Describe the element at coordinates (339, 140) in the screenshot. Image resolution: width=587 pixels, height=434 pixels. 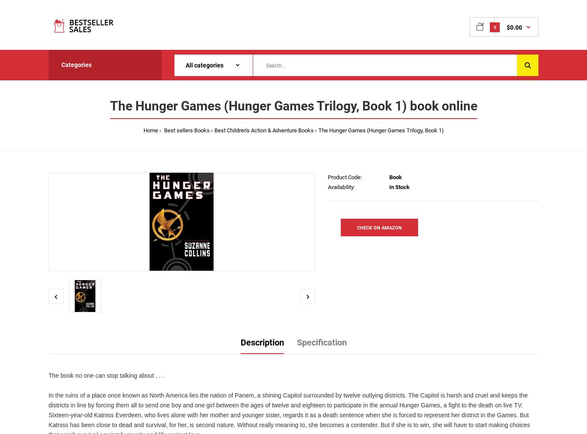
I see `'Best Fantasy Movies'` at that location.